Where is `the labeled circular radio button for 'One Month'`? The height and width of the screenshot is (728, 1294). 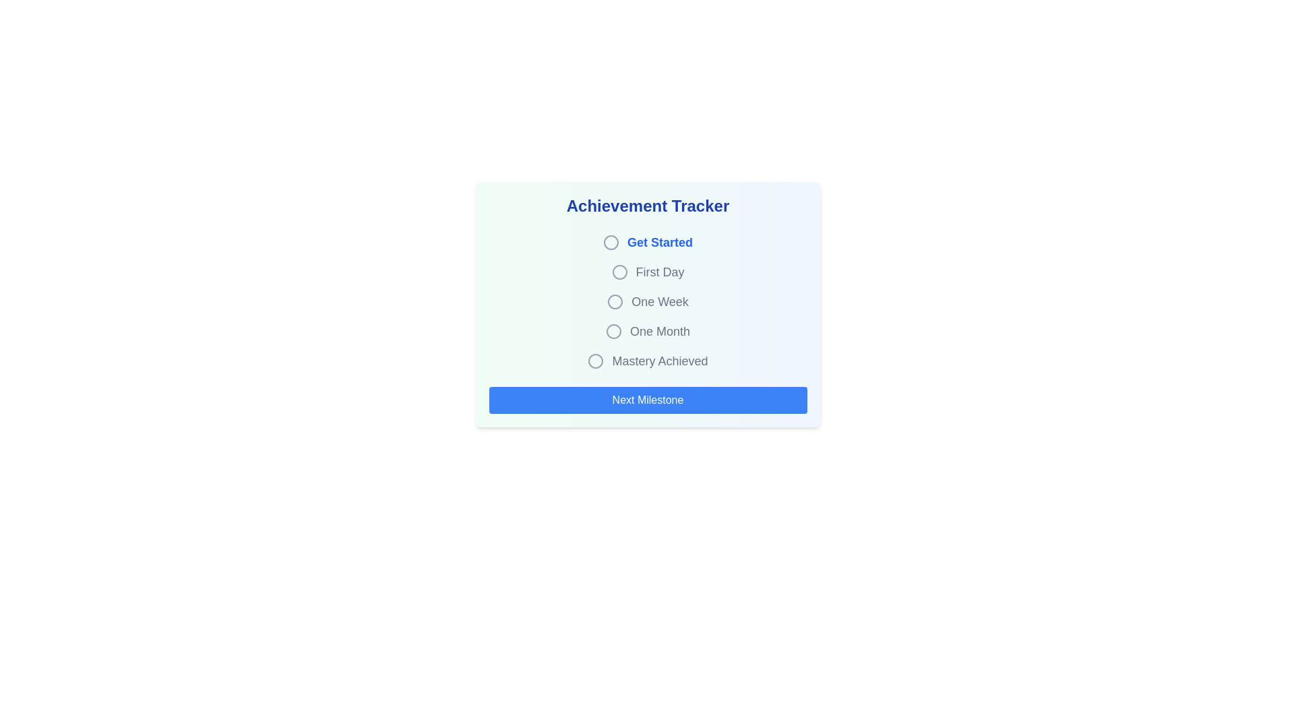
the labeled circular radio button for 'One Month' is located at coordinates (648, 332).